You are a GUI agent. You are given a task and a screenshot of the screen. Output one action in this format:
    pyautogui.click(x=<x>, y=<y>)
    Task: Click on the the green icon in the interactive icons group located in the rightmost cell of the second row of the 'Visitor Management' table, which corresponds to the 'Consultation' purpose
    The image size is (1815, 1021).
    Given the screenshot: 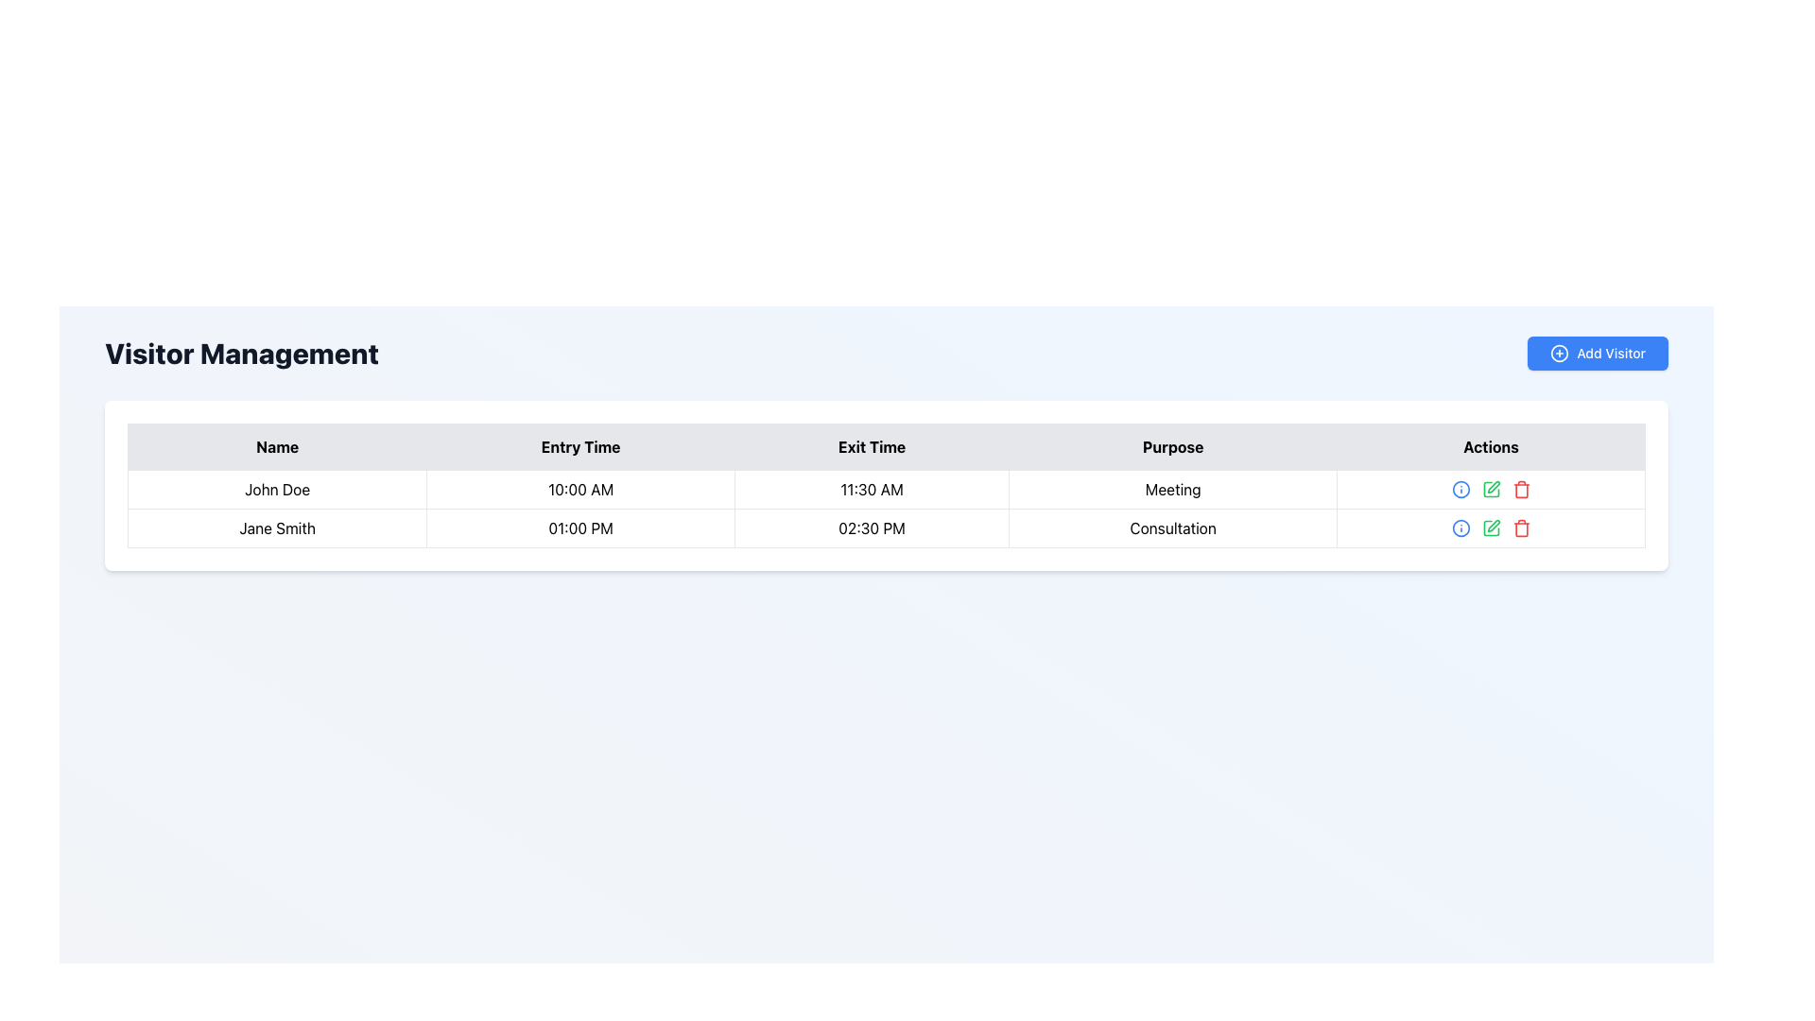 What is the action you would take?
    pyautogui.click(x=1490, y=528)
    